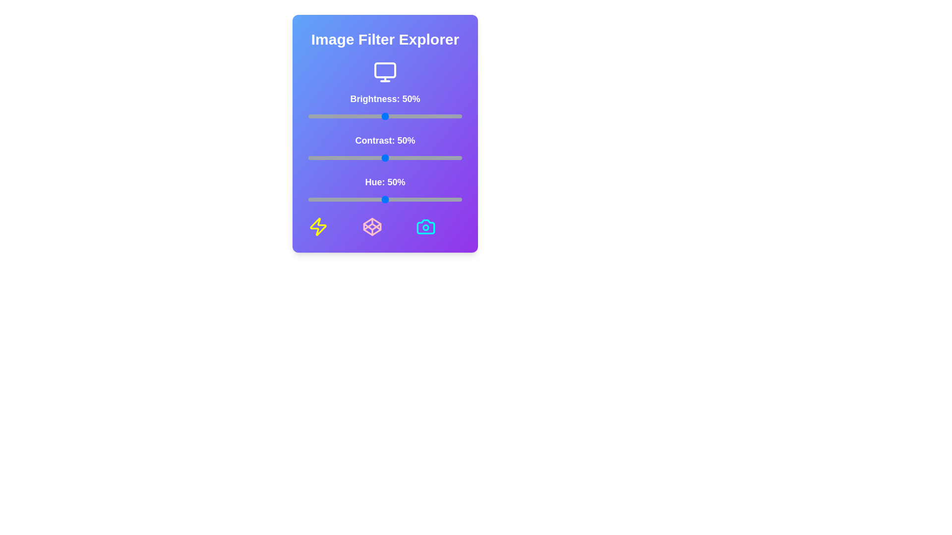 This screenshot has width=952, height=535. Describe the element at coordinates (425, 199) in the screenshot. I see `the hue slider to 76%` at that location.